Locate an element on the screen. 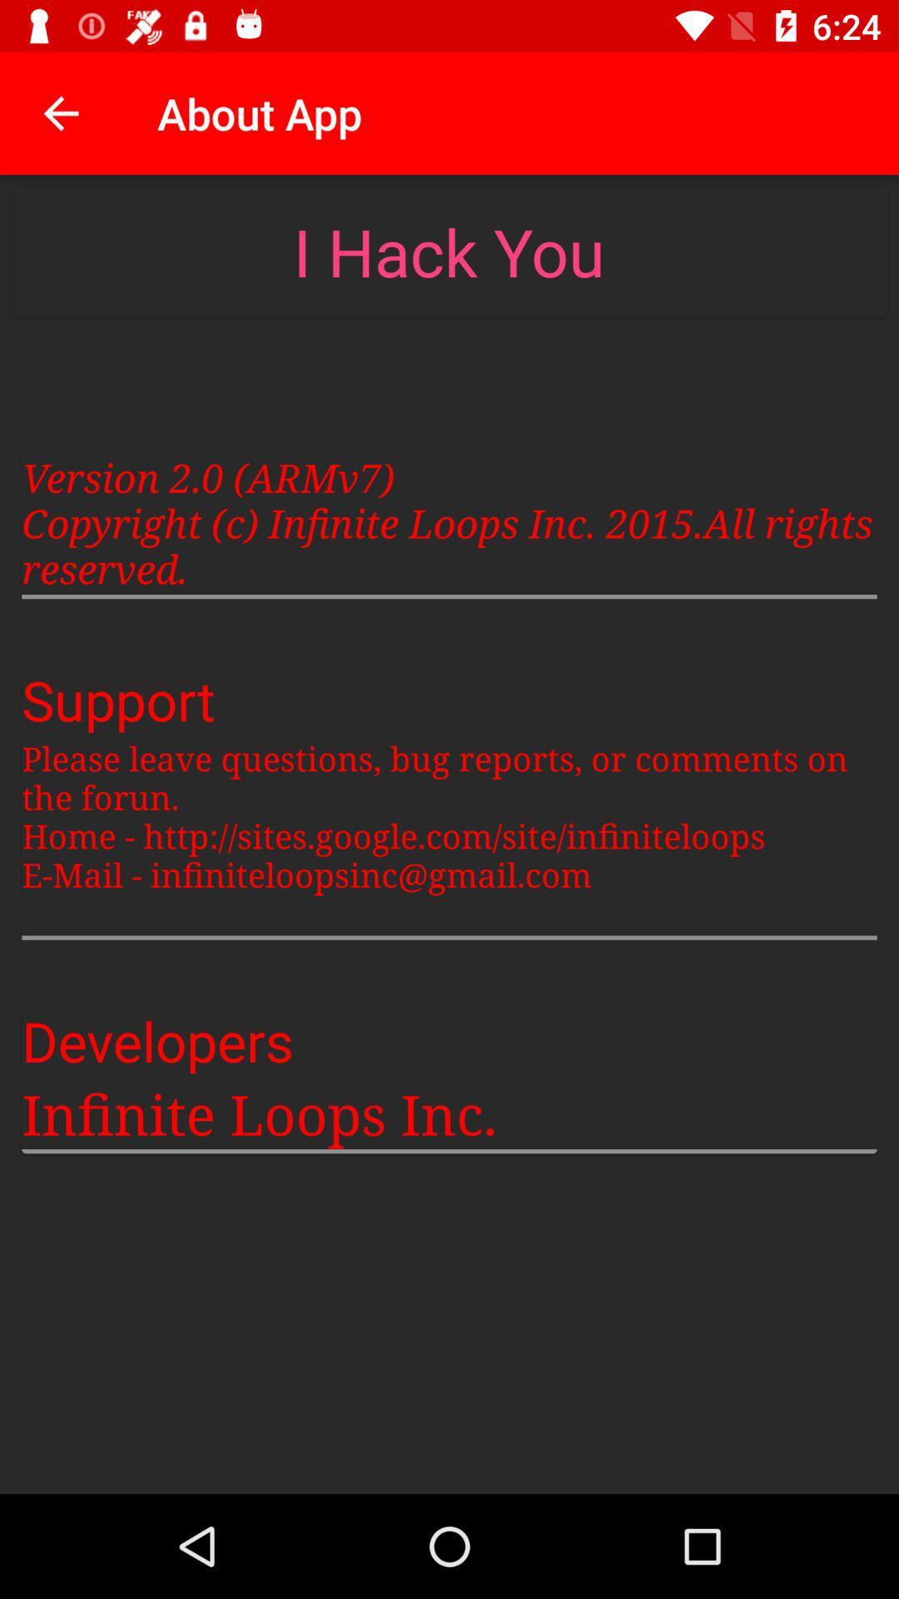 The width and height of the screenshot is (899, 1599). i hack you is located at coordinates (448, 251).